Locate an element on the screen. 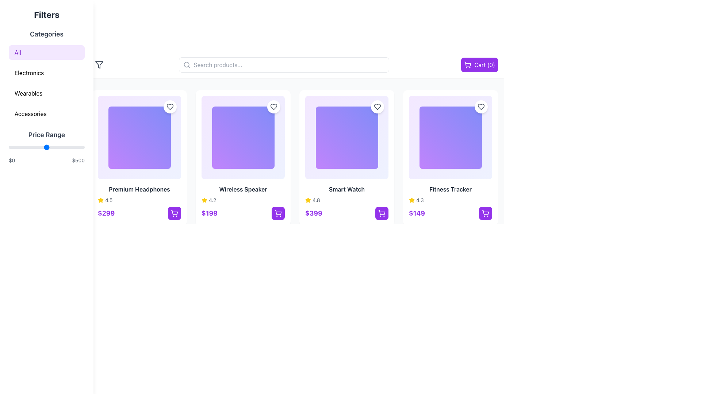 The height and width of the screenshot is (394, 701). the price text label of the 'Premium Headphones' product located at the bottom-left corner of the product card is located at coordinates (106, 213).